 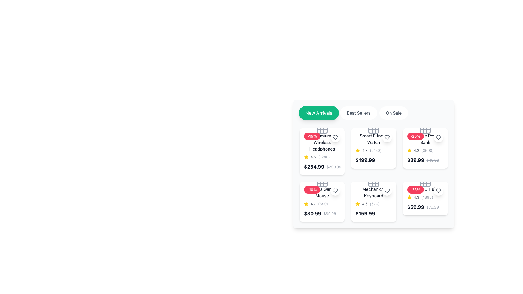 I want to click on the text label indicating a count or rating '(1240)', which is styled in gray and positioned to the right of the '4.5' text and star icon, forming part of the rating display, so click(x=324, y=157).